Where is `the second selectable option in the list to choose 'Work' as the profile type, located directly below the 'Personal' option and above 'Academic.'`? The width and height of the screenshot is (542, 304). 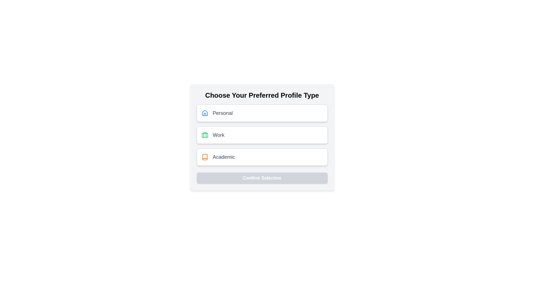
the second selectable option in the list to choose 'Work' as the profile type, located directly below the 'Personal' option and above 'Academic.' is located at coordinates (262, 137).